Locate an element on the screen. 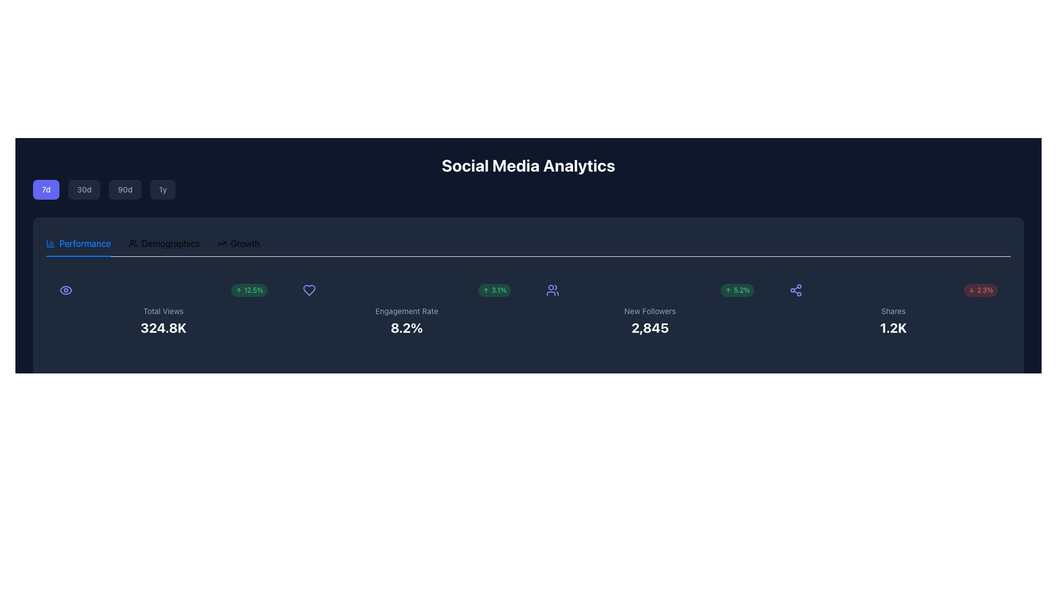  the first button in a horizontal row used for selecting a 7-day time range for filtering data, located near the upper-left corner of the page is located at coordinates (46, 189).